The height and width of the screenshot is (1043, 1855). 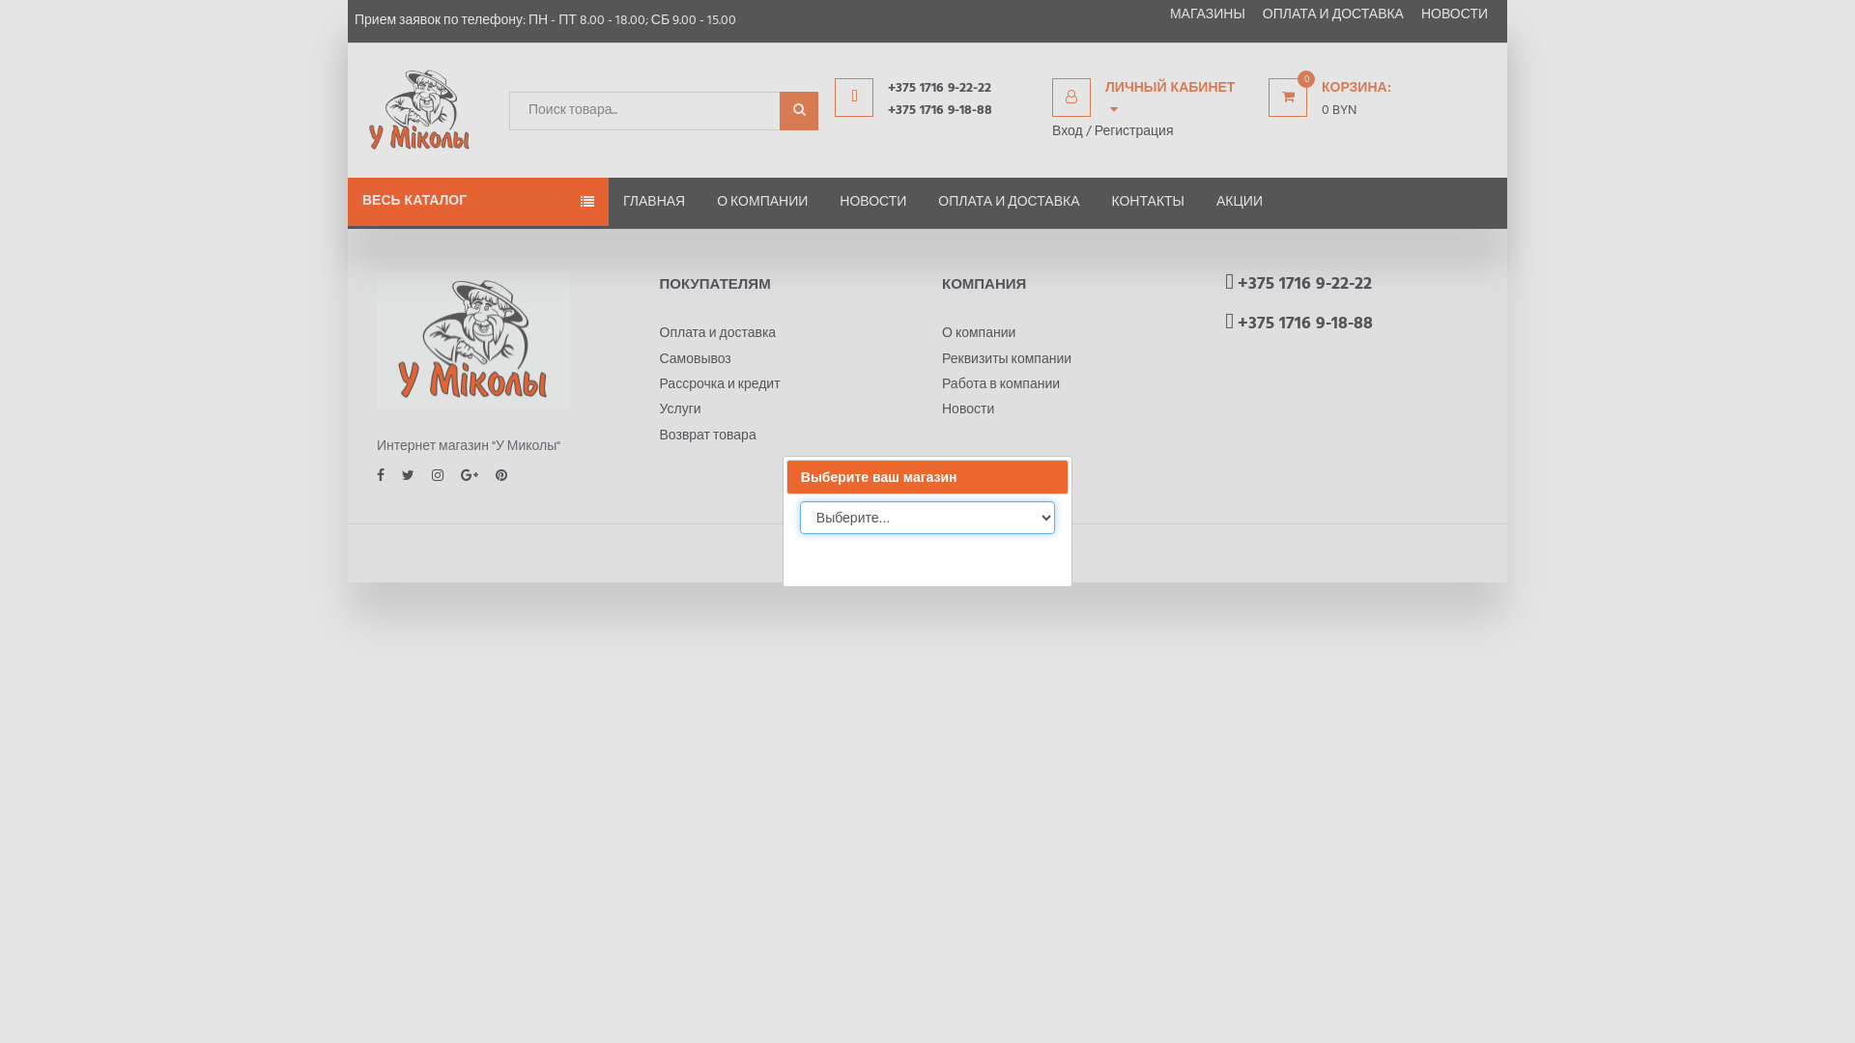 I want to click on '+375 1716 9-22-22', so click(x=886, y=89).